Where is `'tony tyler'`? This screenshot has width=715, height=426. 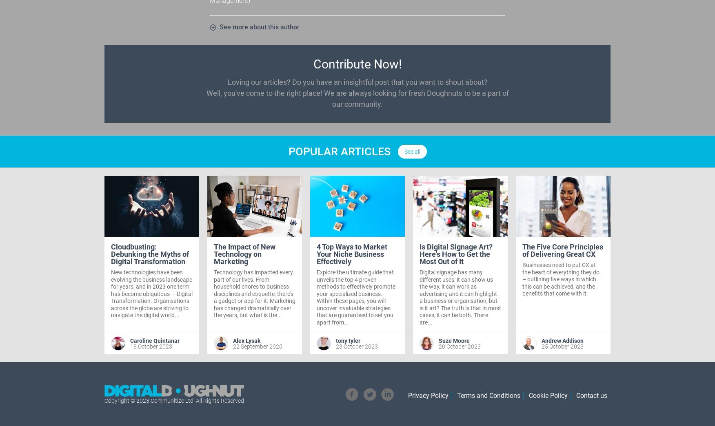 'tony tyler' is located at coordinates (348, 340).